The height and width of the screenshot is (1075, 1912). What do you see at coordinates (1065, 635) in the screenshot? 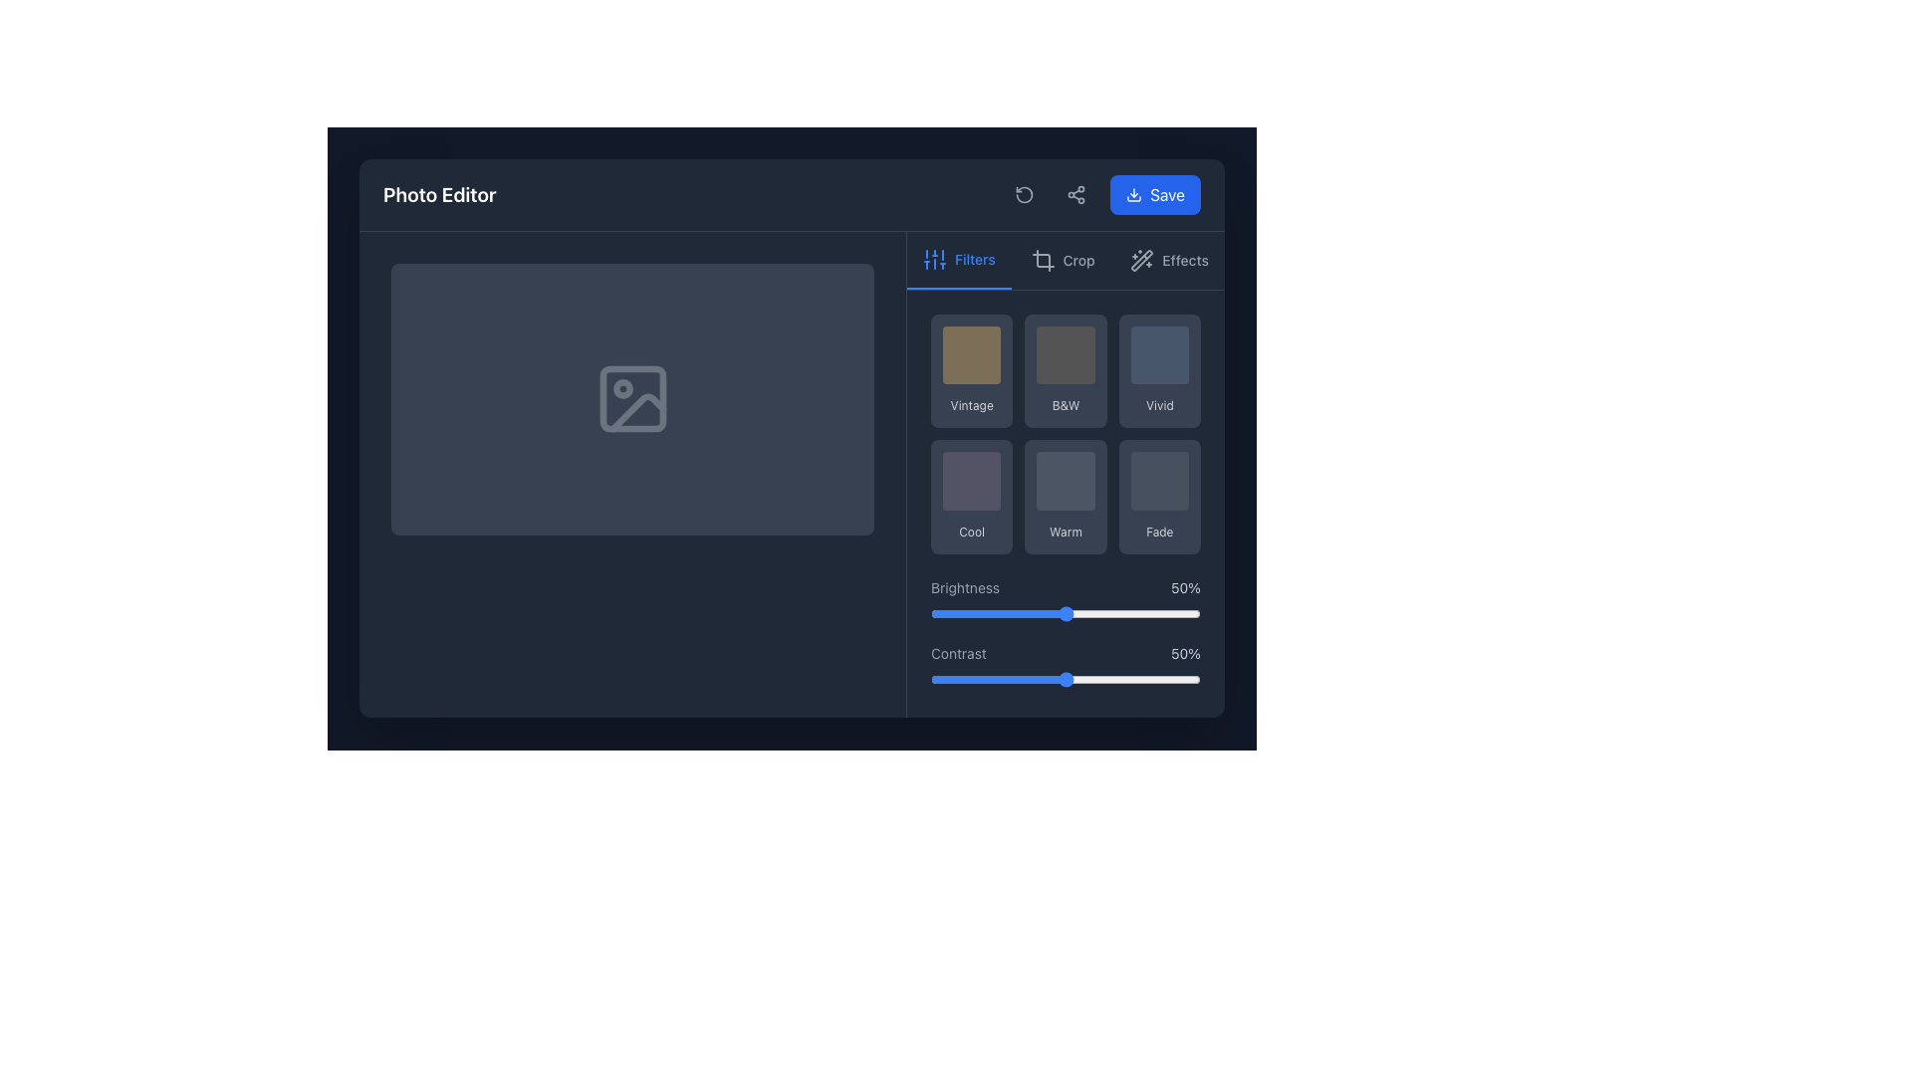
I see `the contrast value indicator of the range sliders` at bounding box center [1065, 635].